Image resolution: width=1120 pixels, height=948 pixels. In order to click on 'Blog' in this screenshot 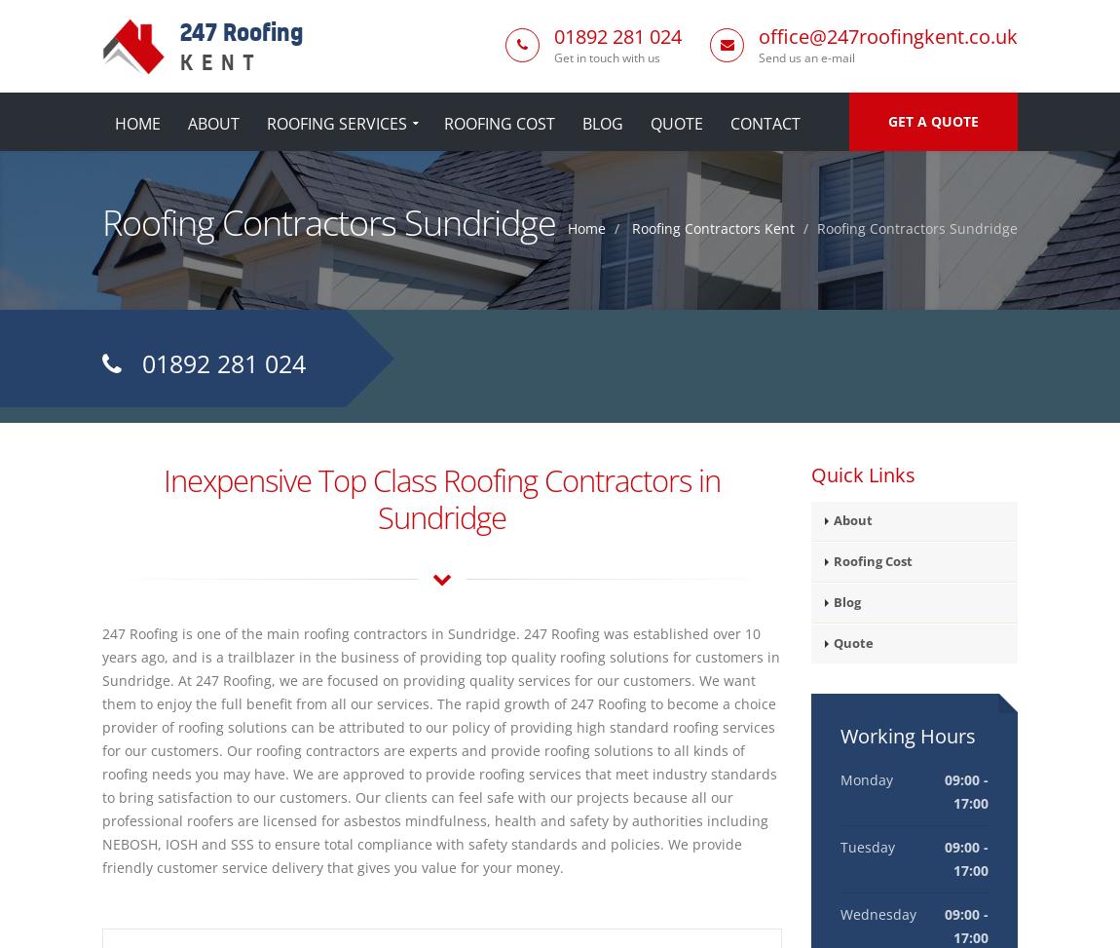, I will do `click(846, 602)`.